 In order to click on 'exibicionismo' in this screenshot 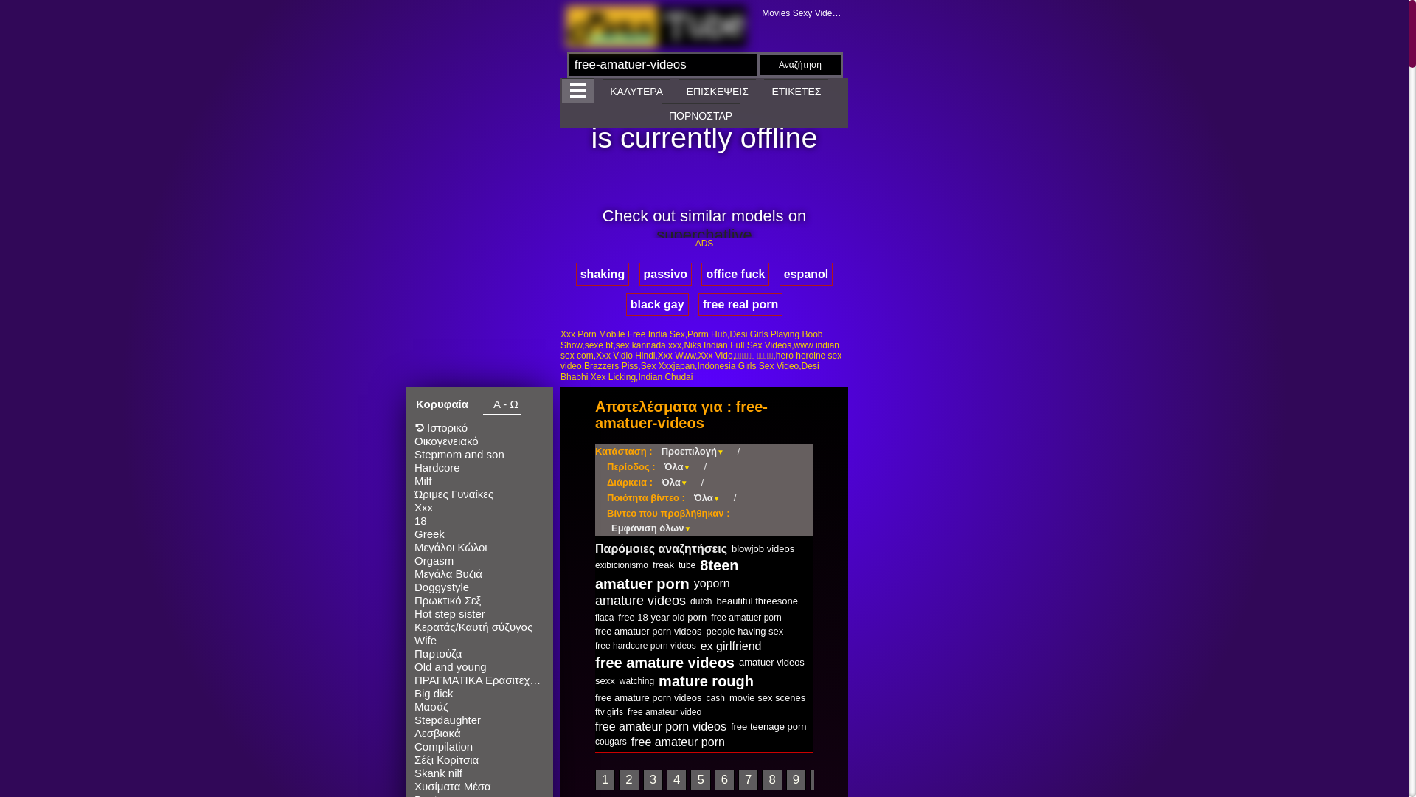, I will do `click(622, 565)`.